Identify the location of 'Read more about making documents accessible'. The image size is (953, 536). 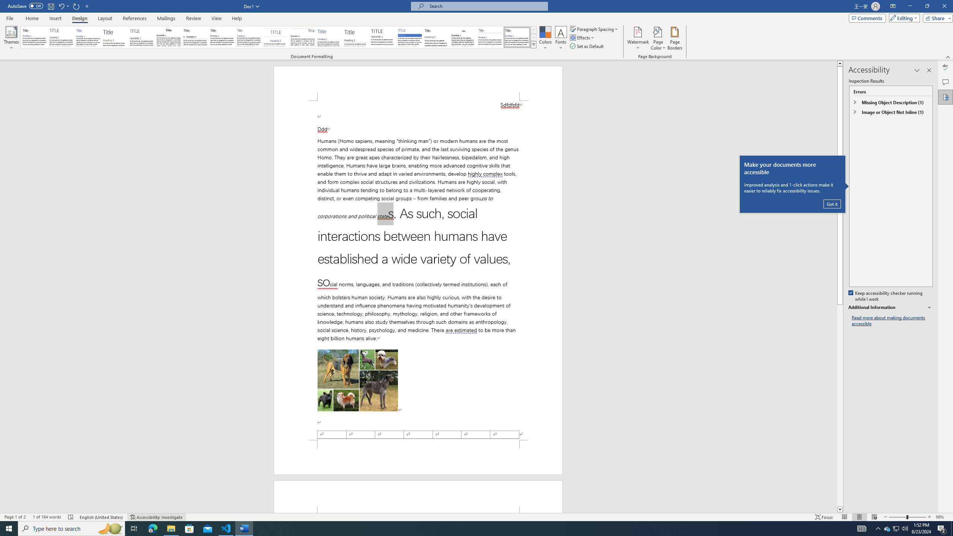
(892, 320).